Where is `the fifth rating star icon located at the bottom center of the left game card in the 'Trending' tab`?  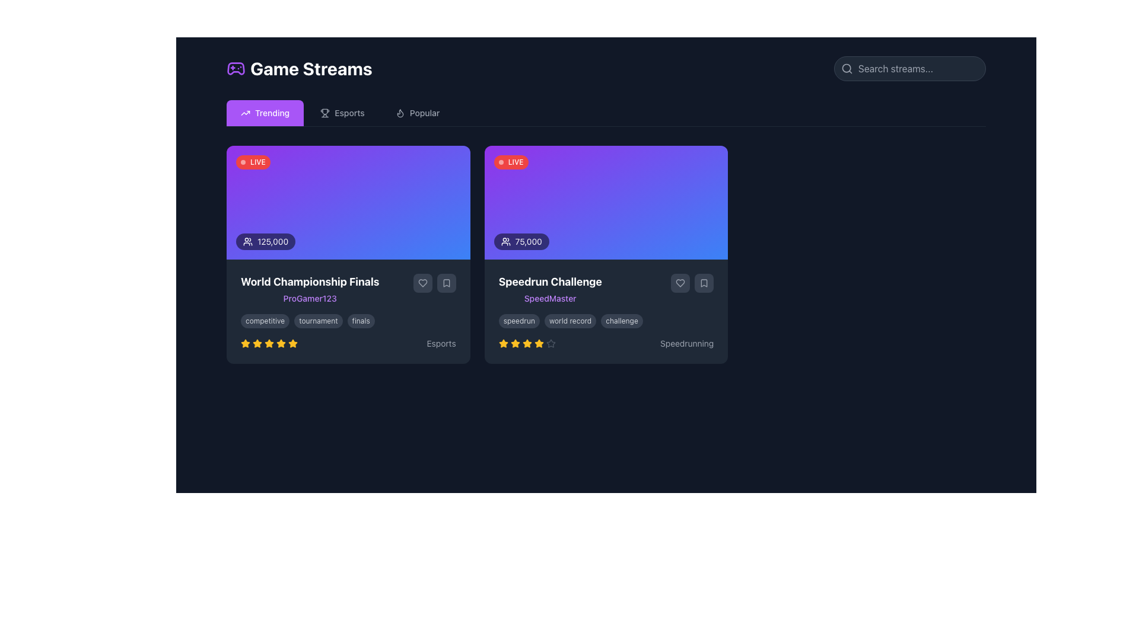 the fifth rating star icon located at the bottom center of the left game card in the 'Trending' tab is located at coordinates (293, 343).